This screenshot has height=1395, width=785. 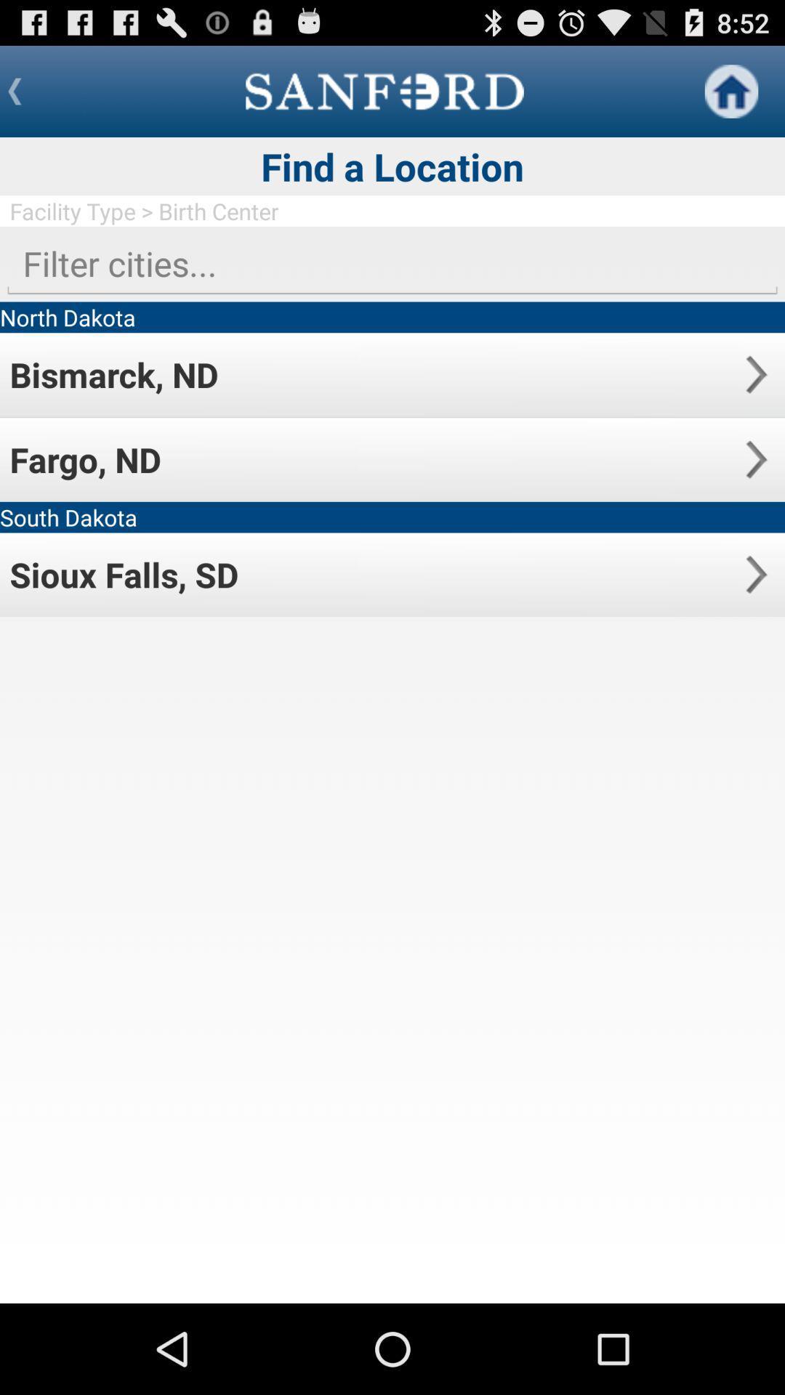 What do you see at coordinates (755, 574) in the screenshot?
I see `the side arrow beside sd` at bounding box center [755, 574].